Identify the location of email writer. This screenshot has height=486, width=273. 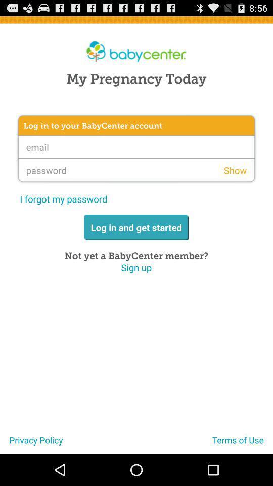
(136, 146).